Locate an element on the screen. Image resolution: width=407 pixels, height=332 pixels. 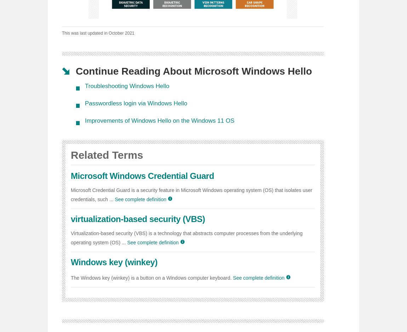
'Virtualization-based security (VBS) is a technology that abstracts computer processes from the underlying operating system (OS) ...' is located at coordinates (187, 238).